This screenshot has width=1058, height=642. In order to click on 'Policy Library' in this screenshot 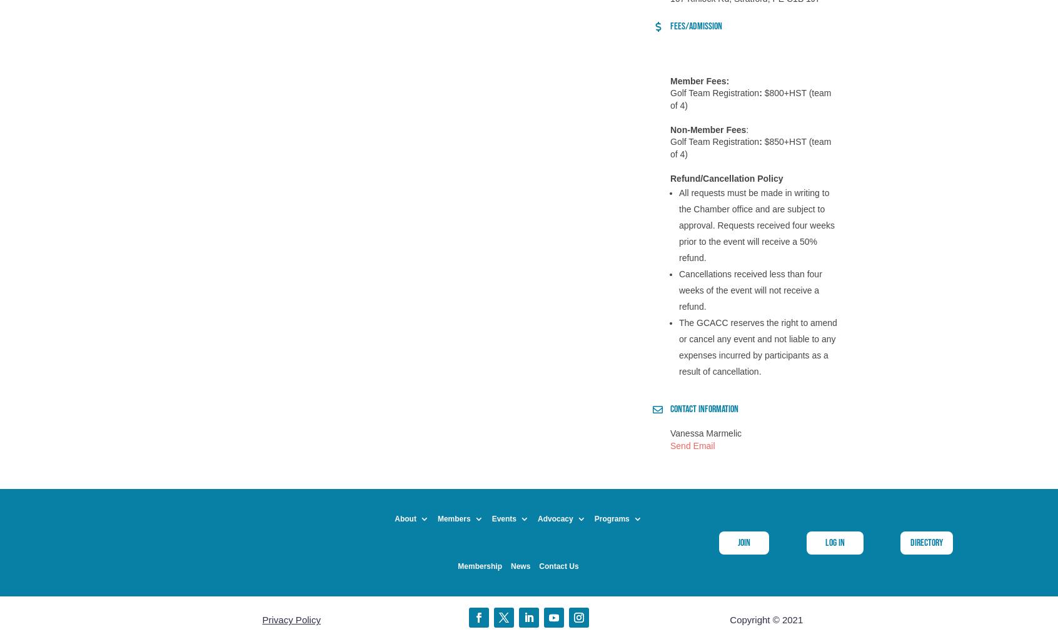, I will do `click(558, 468)`.